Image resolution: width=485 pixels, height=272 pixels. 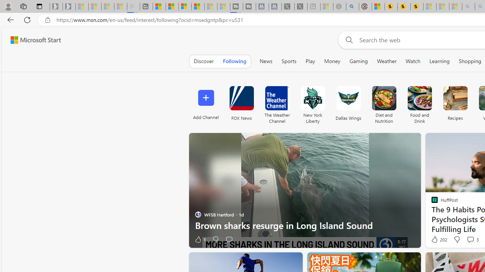 I want to click on 'Gaming', so click(x=358, y=61).